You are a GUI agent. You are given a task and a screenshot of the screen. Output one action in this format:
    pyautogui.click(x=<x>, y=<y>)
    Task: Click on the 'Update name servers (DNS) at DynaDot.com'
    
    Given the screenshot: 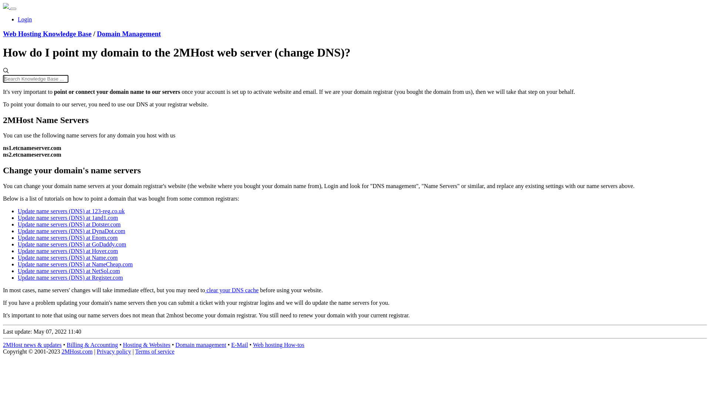 What is the action you would take?
    pyautogui.click(x=71, y=231)
    